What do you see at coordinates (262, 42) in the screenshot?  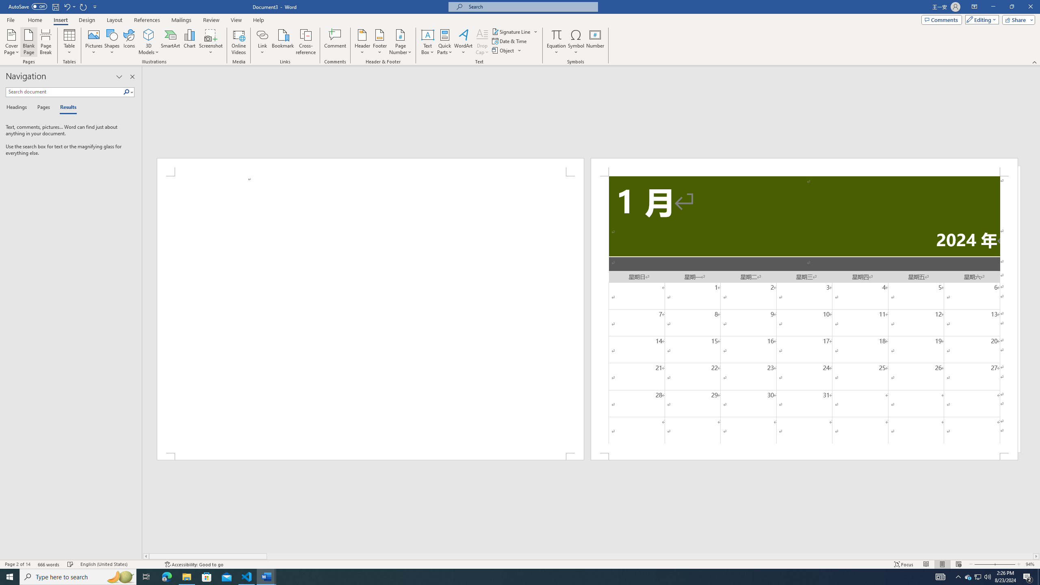 I see `'Link'` at bounding box center [262, 42].